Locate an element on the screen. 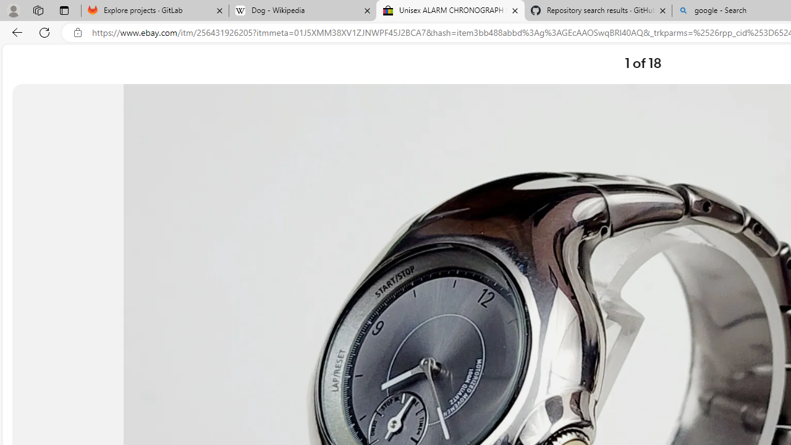 This screenshot has width=791, height=445. 'Dog - Wikipedia' is located at coordinates (303, 11).